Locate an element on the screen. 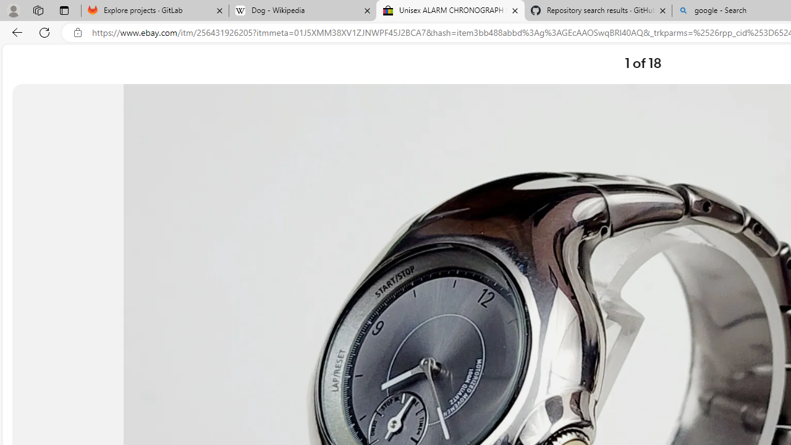 This screenshot has width=791, height=445. 'Dog - Wikipedia' is located at coordinates (303, 11).